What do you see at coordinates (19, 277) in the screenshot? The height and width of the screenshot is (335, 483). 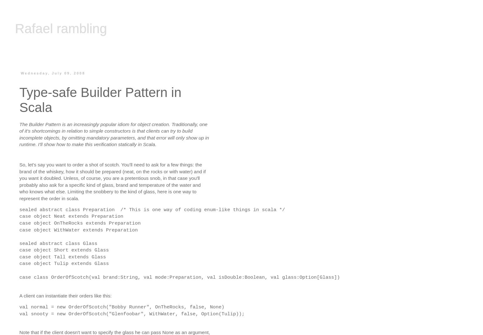 I see `'case class OrderOfScotch(val brand:String, val mode:Preparation, val isDouble:Boolean, val glass:Option[Glass])'` at bounding box center [19, 277].